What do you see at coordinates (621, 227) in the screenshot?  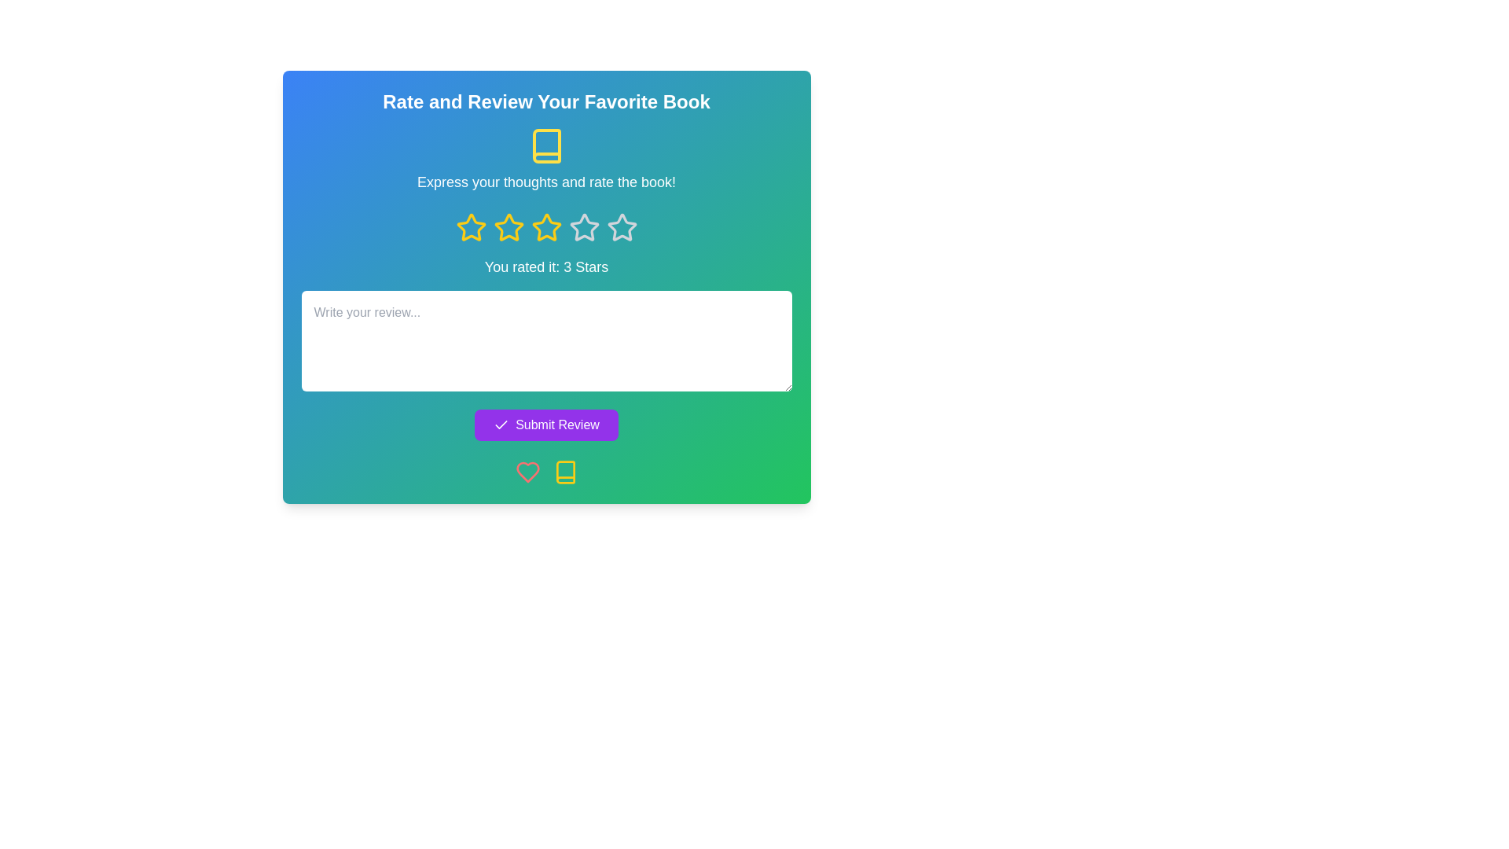 I see `the fifth star icon in the star rating system` at bounding box center [621, 227].